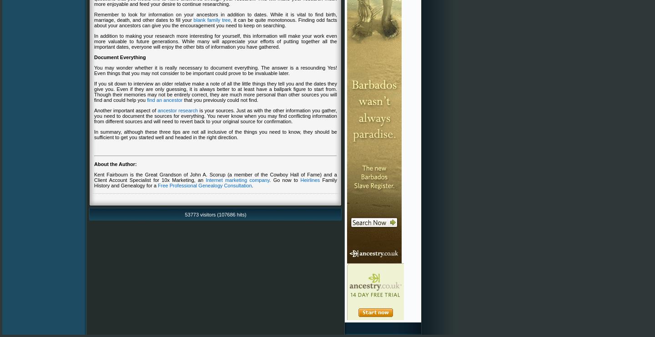 This screenshot has width=655, height=337. Describe the element at coordinates (310, 180) in the screenshot. I see `'Heirlines'` at that location.